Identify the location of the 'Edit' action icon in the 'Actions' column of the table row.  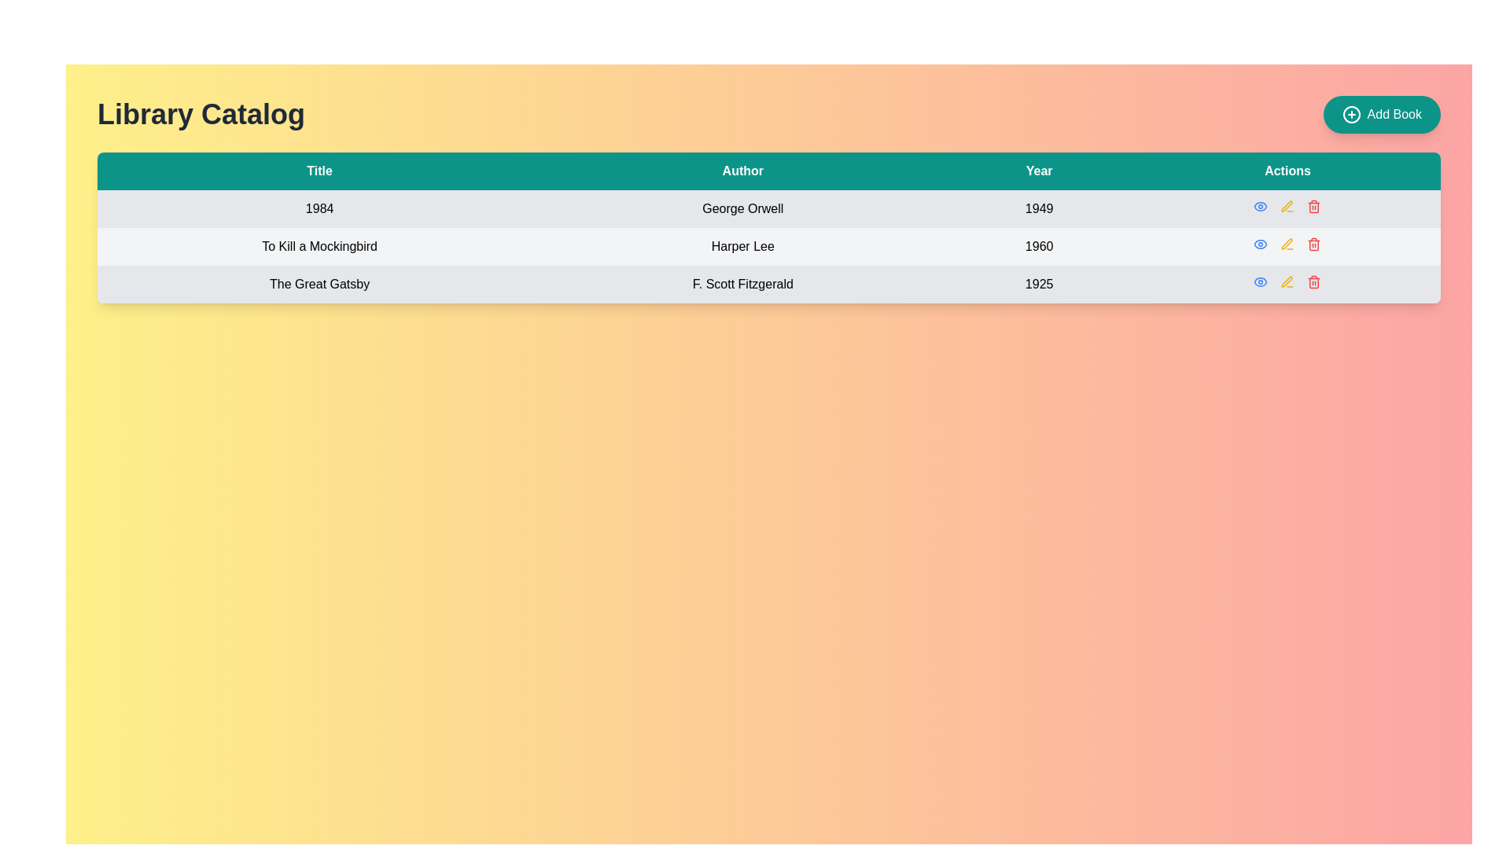
(1287, 244).